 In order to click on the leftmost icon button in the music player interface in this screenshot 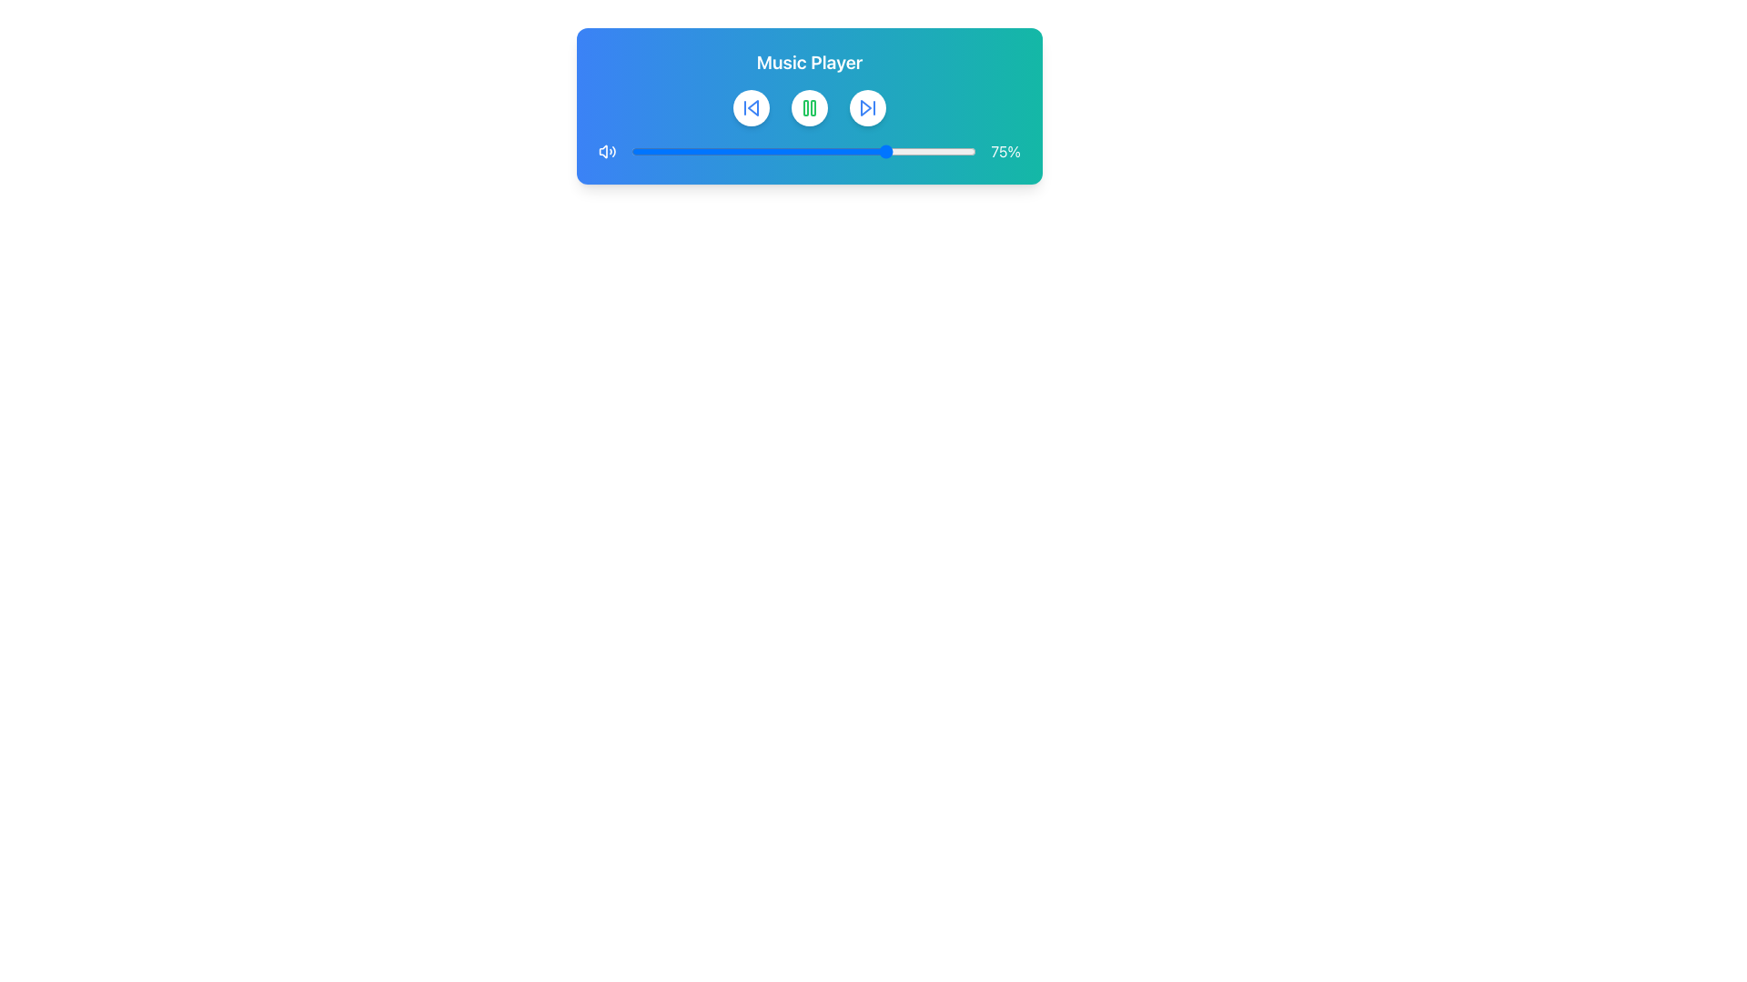, I will do `click(751, 108)`.